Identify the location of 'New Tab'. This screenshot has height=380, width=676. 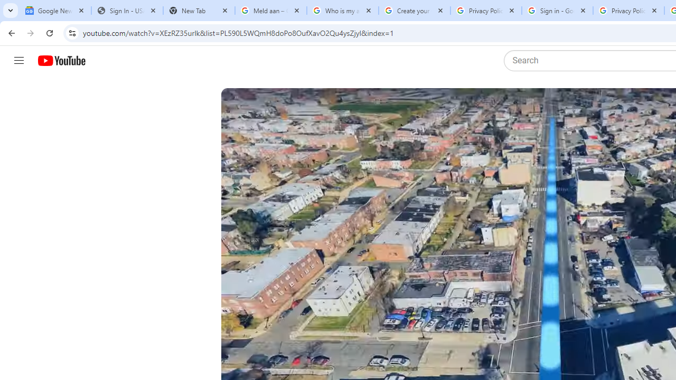
(199, 11).